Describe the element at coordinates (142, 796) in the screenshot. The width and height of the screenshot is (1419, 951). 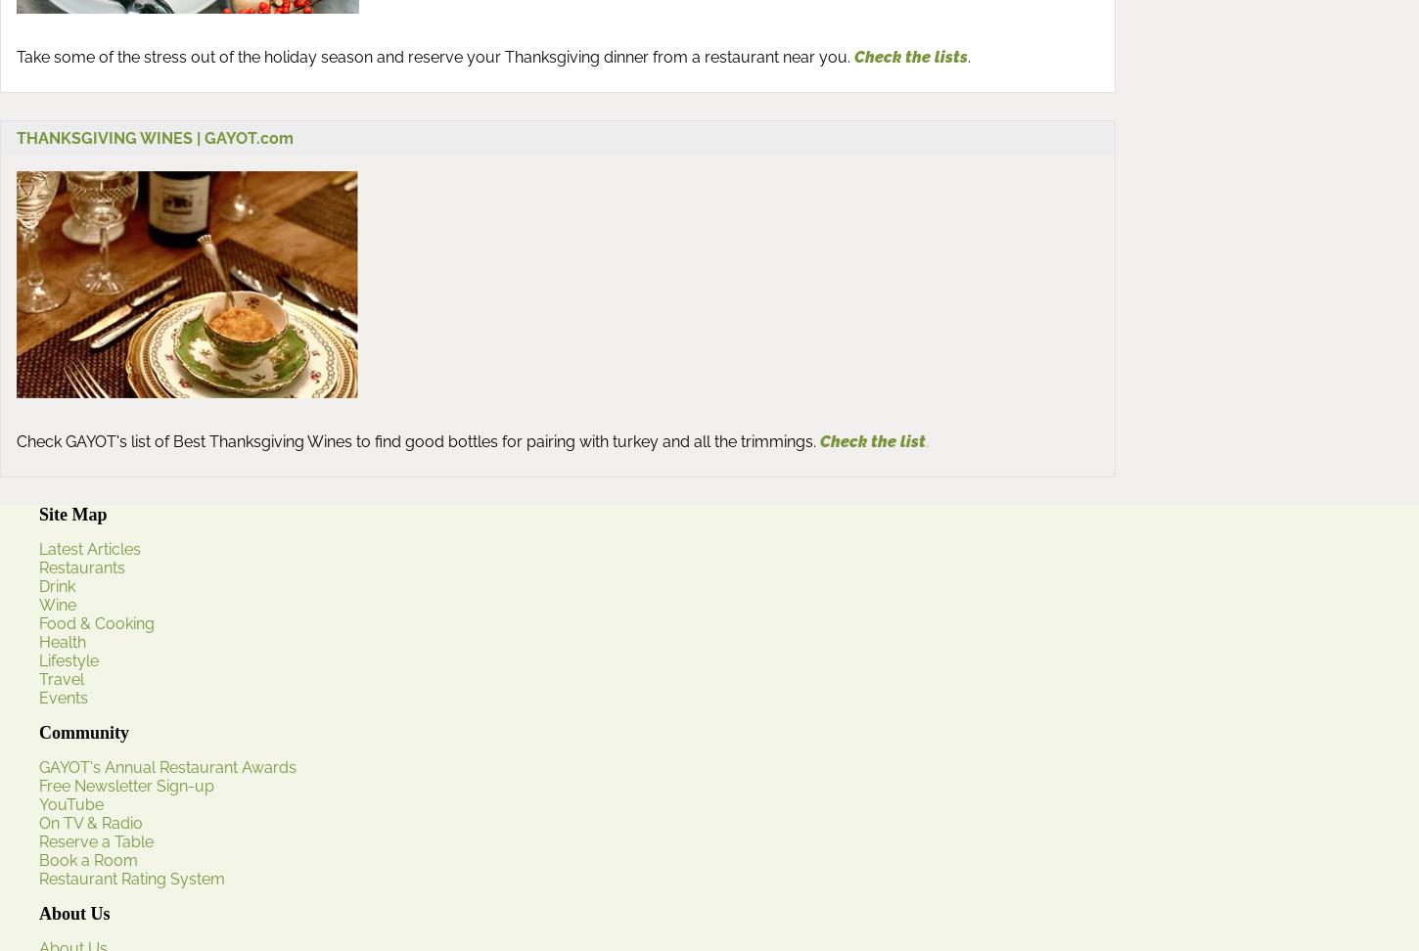
I see `'Dine like a King & a Queen | Jean Imbert au Plaza'` at that location.